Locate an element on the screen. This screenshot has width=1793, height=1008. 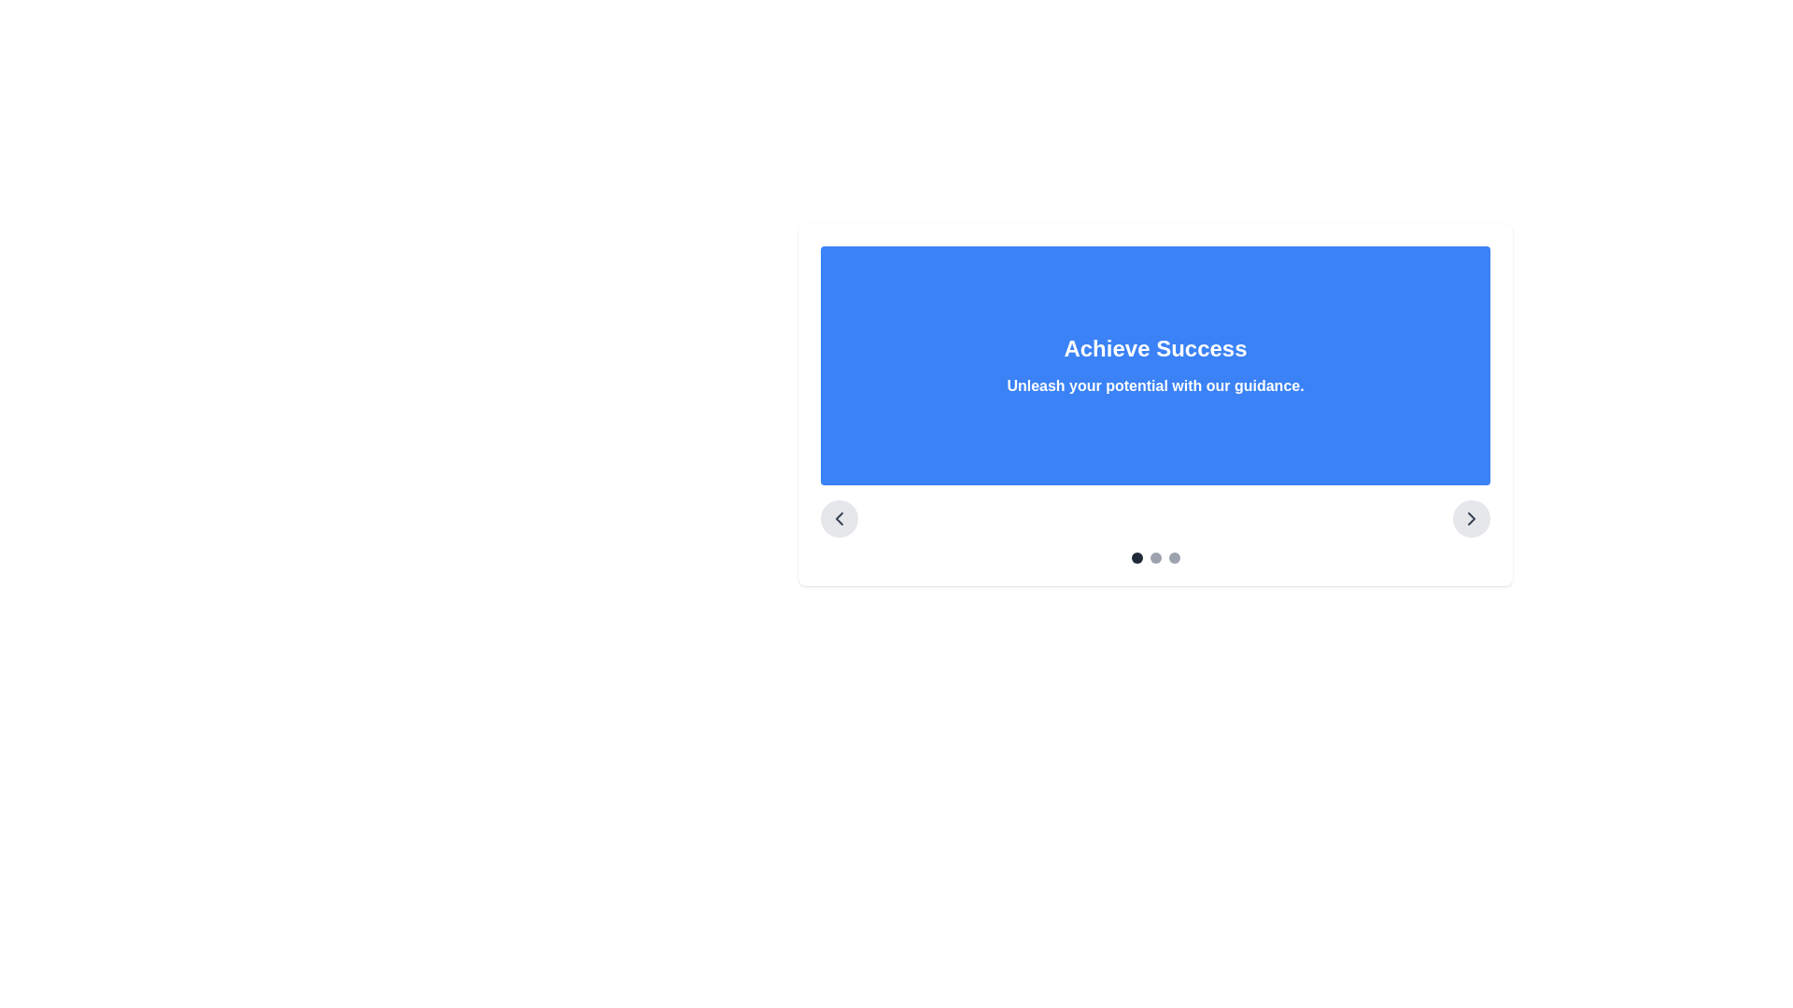
the previous slide navigation button located in the bottom-left corner of the slide navigation interface for keyboard interaction is located at coordinates (838, 518).